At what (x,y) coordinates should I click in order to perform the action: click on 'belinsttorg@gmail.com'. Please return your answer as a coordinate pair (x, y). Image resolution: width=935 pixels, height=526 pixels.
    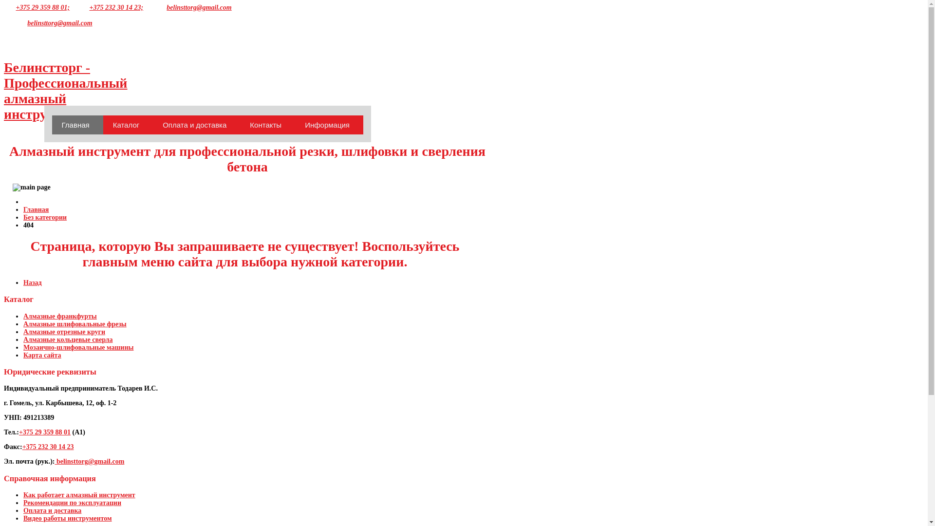
    Looking at the image, I should click on (59, 22).